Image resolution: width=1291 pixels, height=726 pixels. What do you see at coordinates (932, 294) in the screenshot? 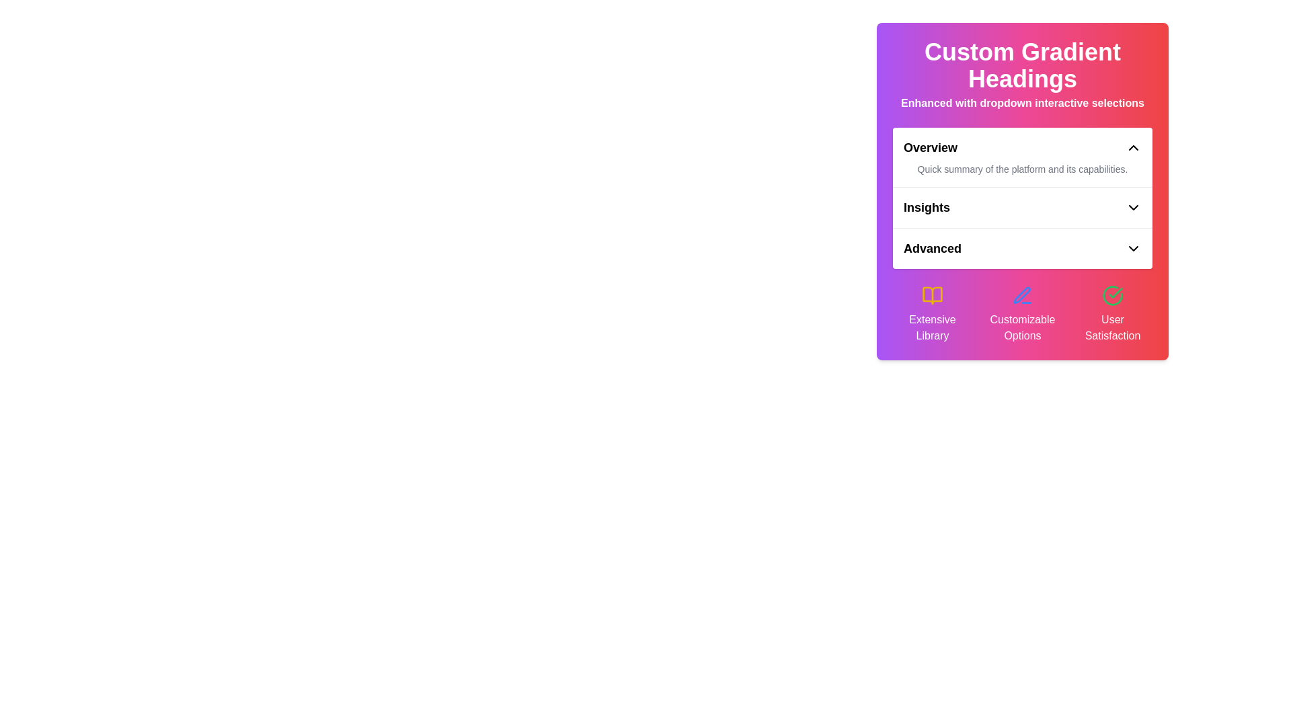
I see `the open book icon with a yellow hue, located above the 'Extensive Library' label` at bounding box center [932, 294].